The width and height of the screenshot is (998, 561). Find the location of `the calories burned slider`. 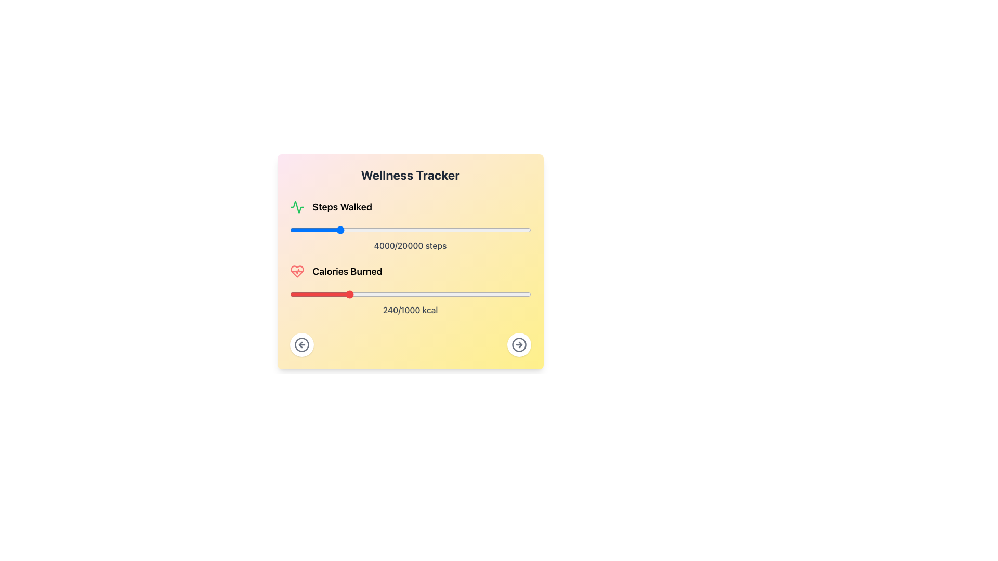

the calories burned slider is located at coordinates (463, 295).